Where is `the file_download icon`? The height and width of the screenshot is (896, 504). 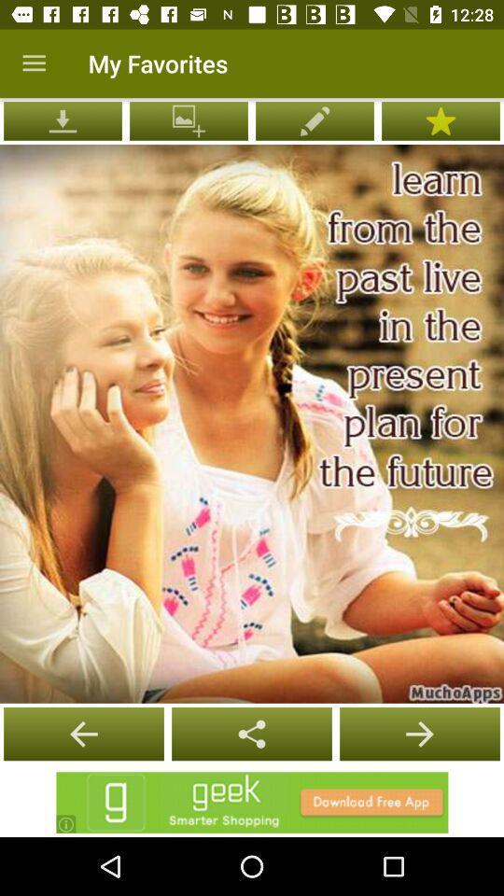 the file_download icon is located at coordinates (63, 119).